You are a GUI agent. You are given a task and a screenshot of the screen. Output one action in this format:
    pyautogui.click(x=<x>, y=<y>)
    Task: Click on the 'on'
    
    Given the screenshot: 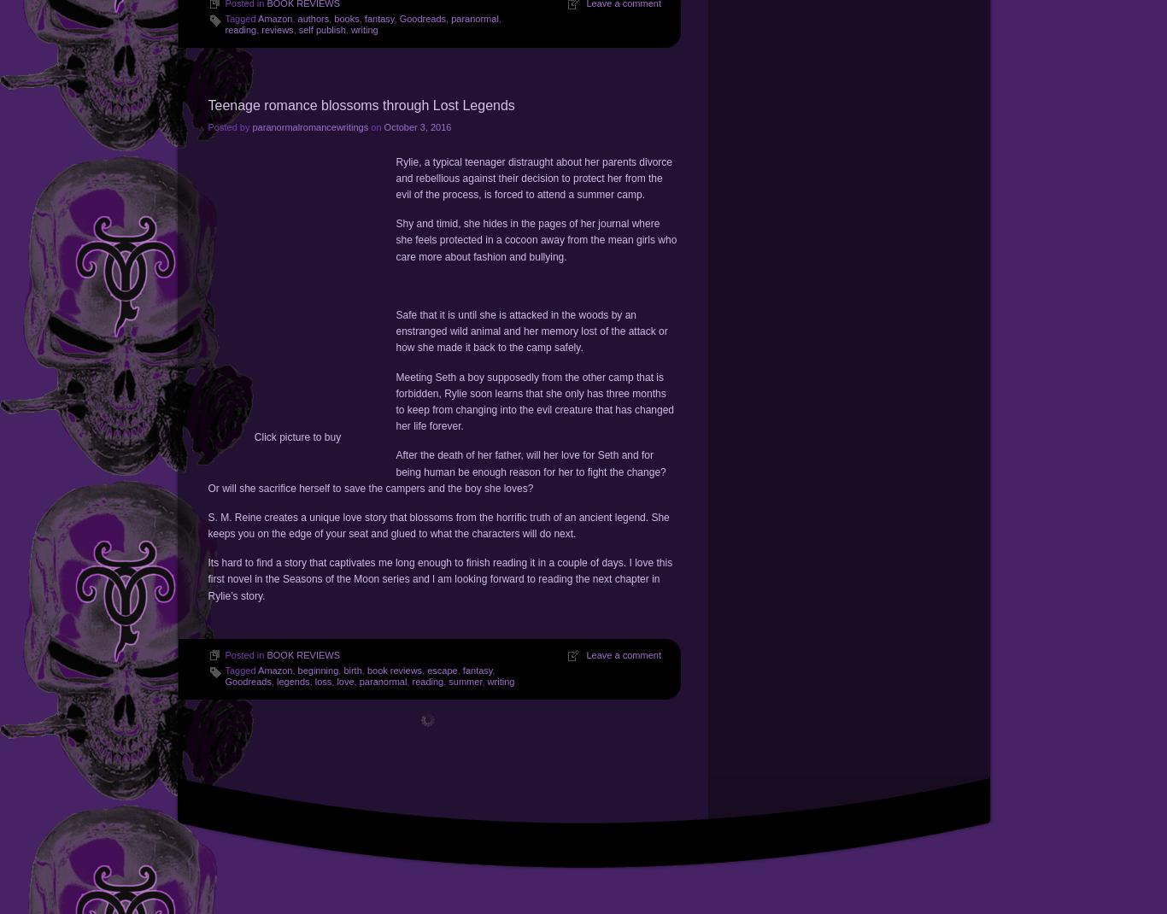 What is the action you would take?
    pyautogui.click(x=374, y=126)
    